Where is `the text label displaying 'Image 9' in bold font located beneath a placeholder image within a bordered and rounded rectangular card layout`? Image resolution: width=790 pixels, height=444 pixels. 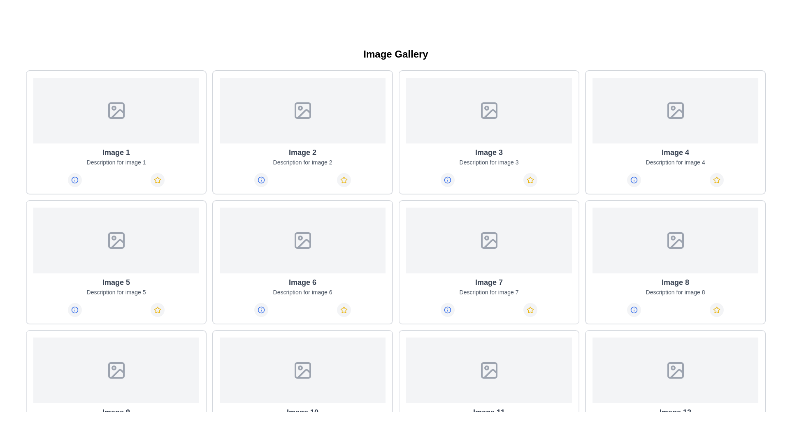
the text label displaying 'Image 9' in bold font located beneath a placeholder image within a bordered and rounded rectangular card layout is located at coordinates (116, 412).